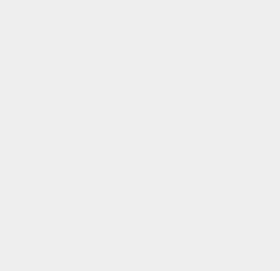  What do you see at coordinates (198, 254) in the screenshot?
I see `'Windows Server 2012'` at bounding box center [198, 254].